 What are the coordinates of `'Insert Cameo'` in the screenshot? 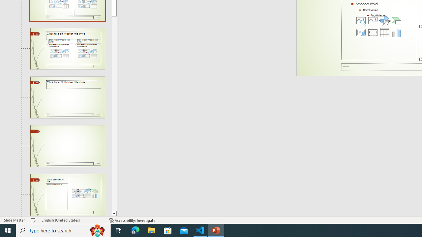 It's located at (361, 33).